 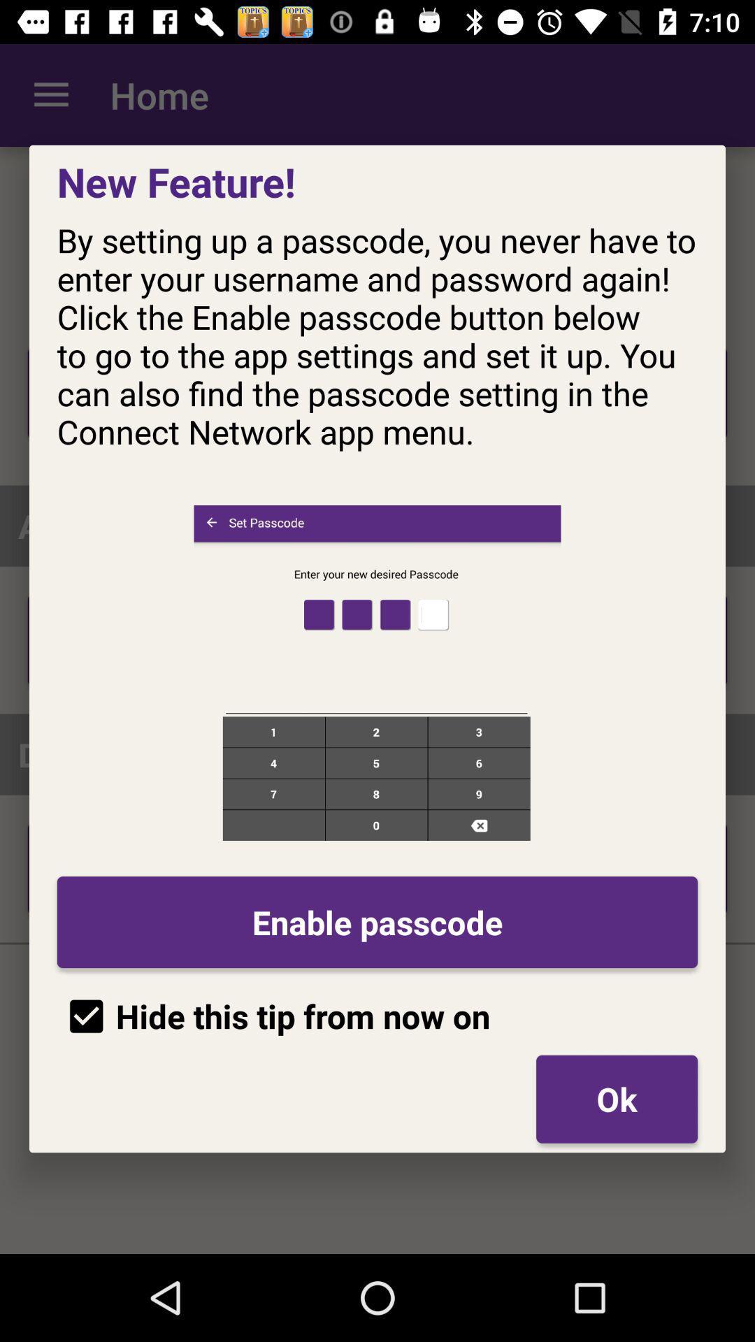 I want to click on hide this tip item, so click(x=273, y=1016).